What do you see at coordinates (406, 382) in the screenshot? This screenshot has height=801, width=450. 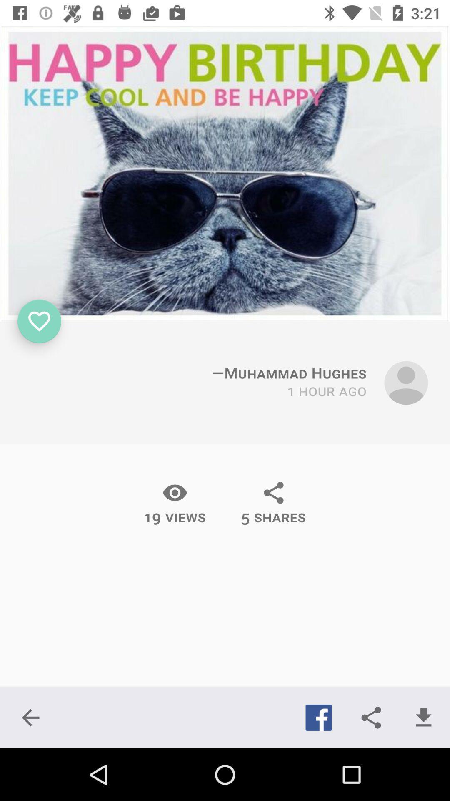 I see `the icon which is after muhammad hughes on a page` at bounding box center [406, 382].